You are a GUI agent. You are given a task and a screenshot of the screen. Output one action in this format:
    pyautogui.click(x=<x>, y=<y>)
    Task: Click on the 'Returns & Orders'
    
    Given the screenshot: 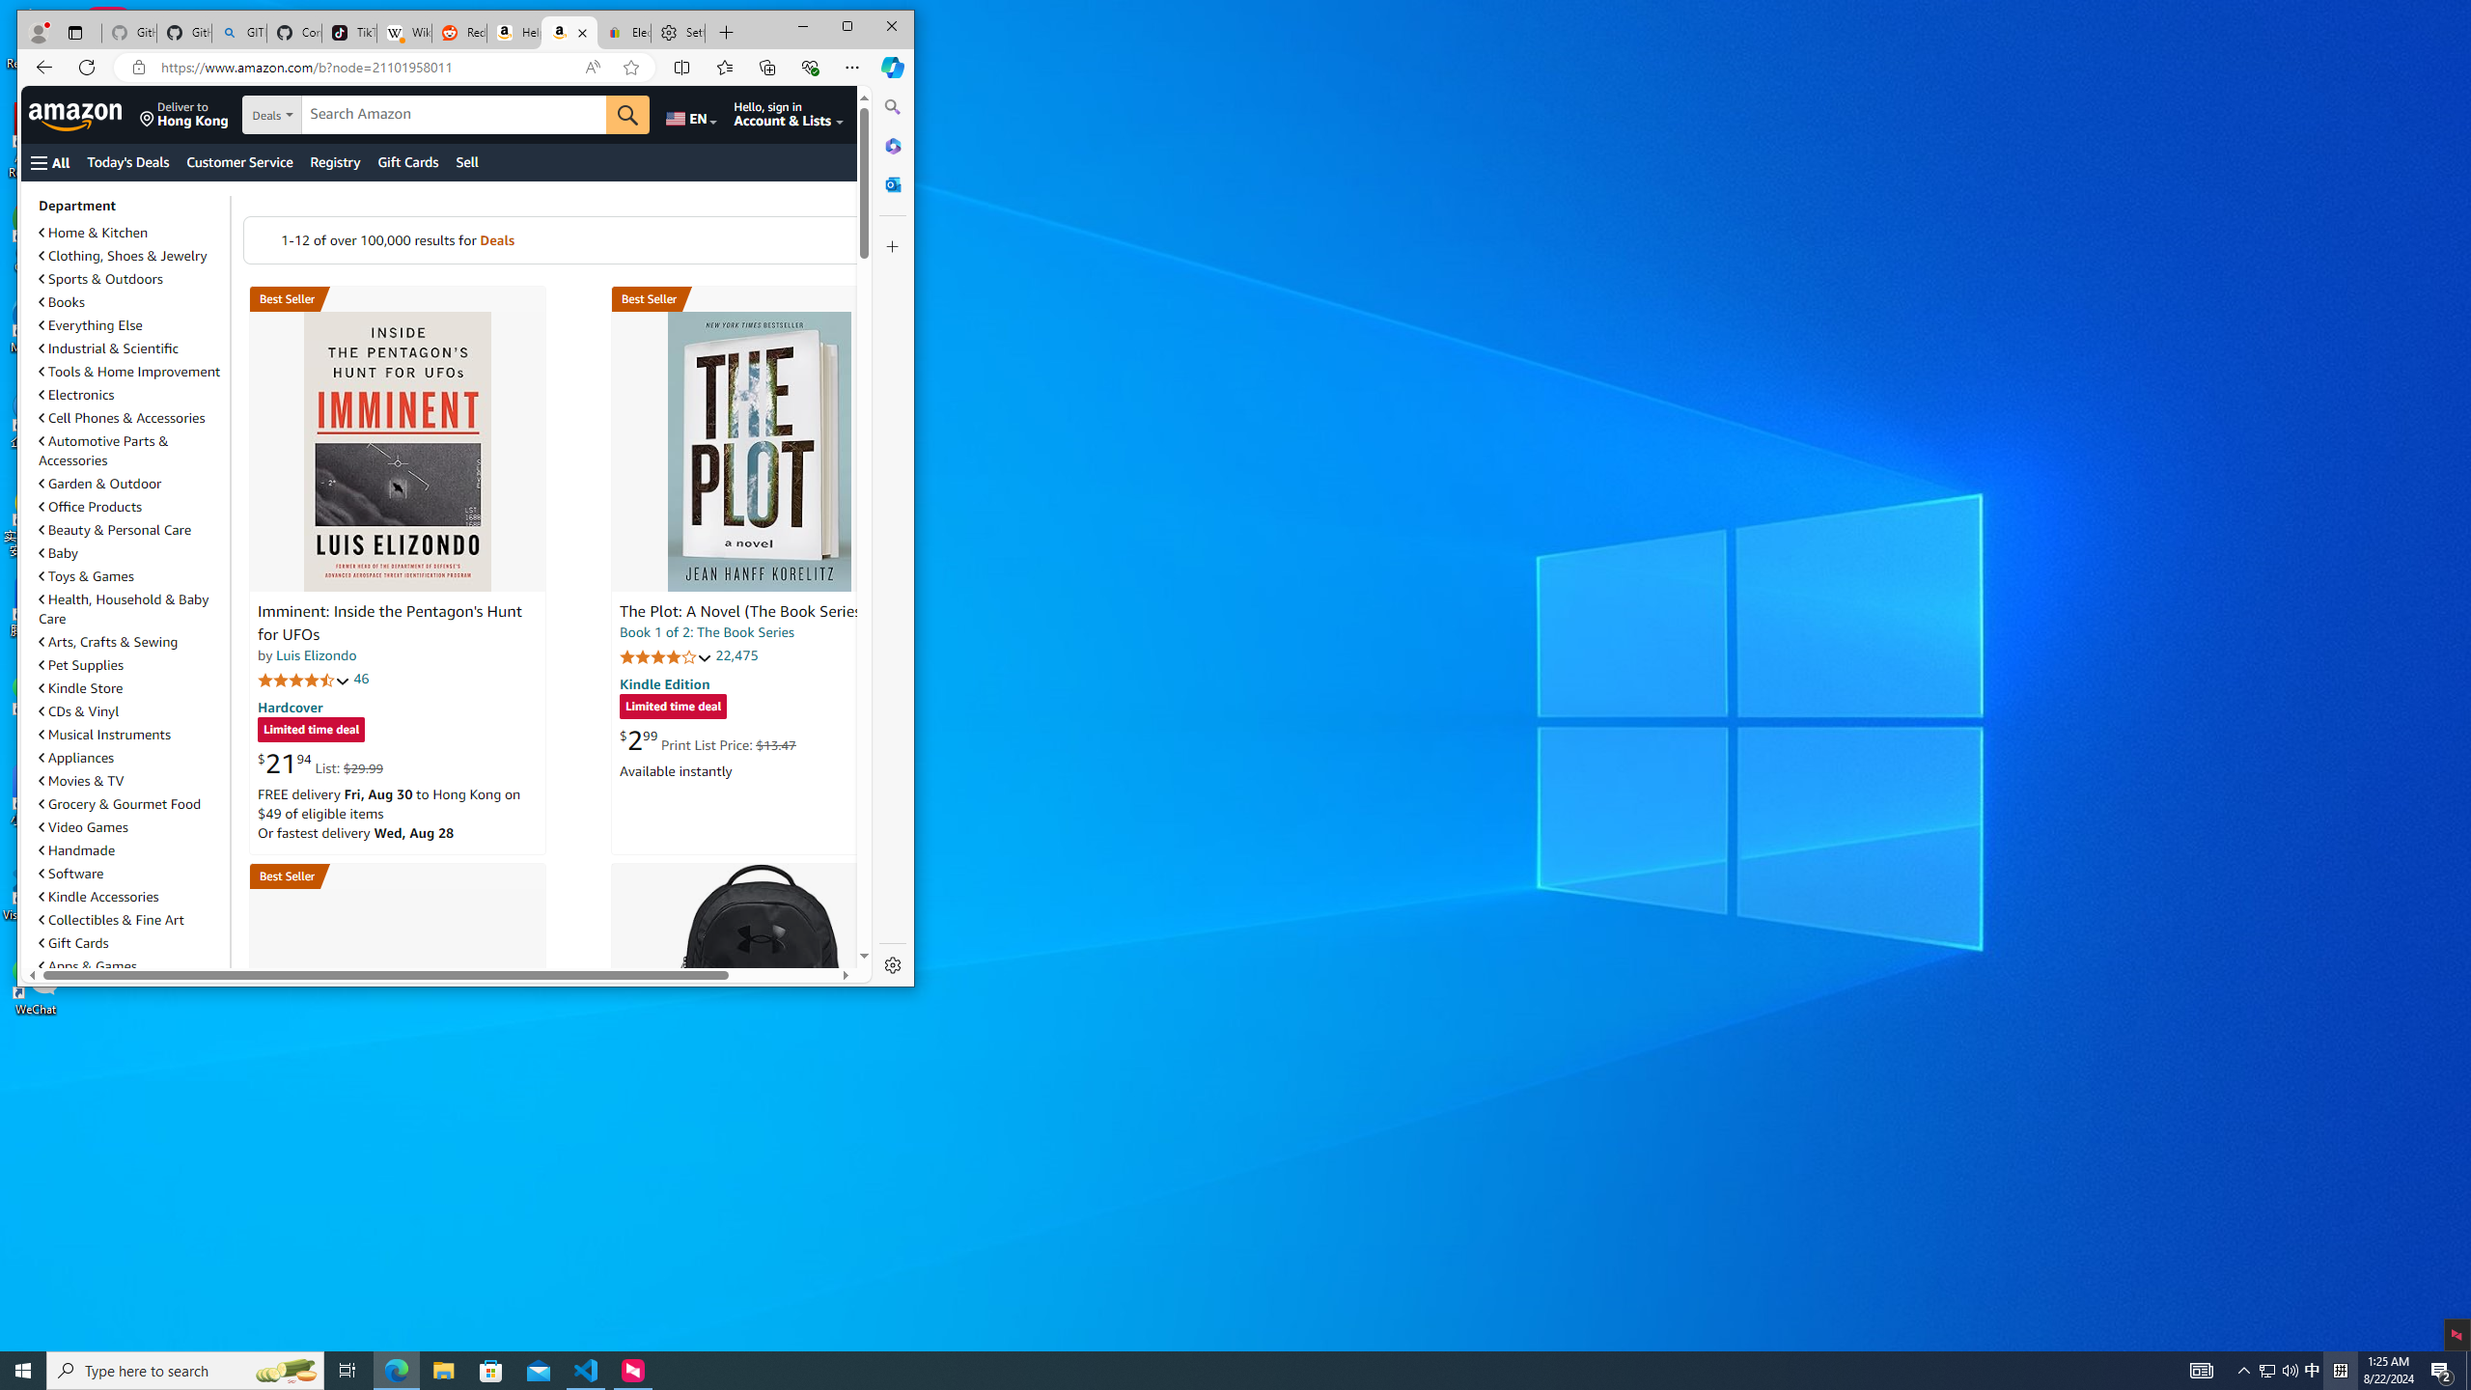 What is the action you would take?
    pyautogui.click(x=889, y=114)
    